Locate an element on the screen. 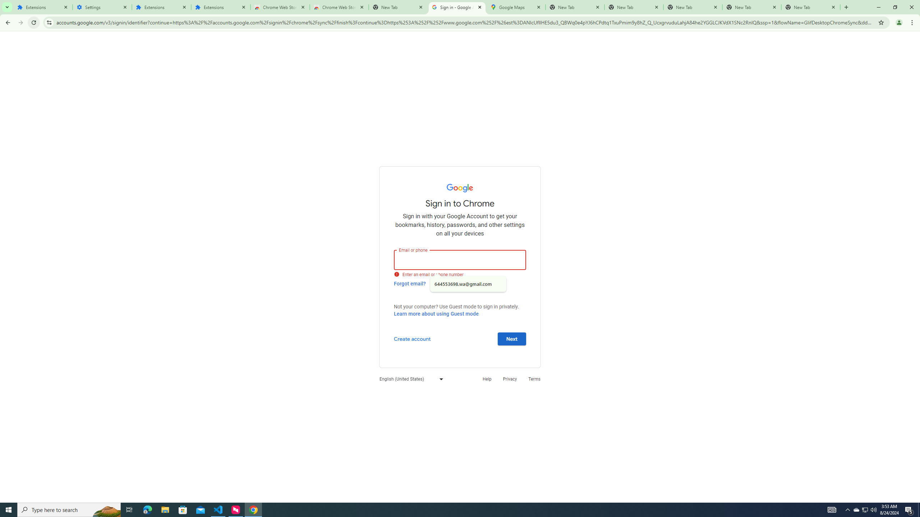 This screenshot has width=920, height=517. 'Forward' is located at coordinates (20, 22).